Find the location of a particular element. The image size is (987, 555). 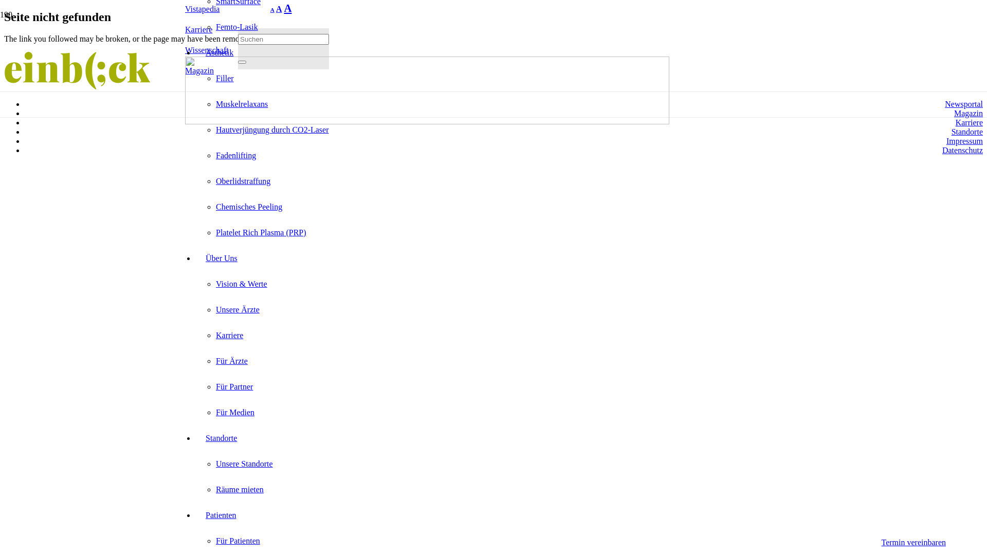

'Femto-Lasik' is located at coordinates (215, 26).